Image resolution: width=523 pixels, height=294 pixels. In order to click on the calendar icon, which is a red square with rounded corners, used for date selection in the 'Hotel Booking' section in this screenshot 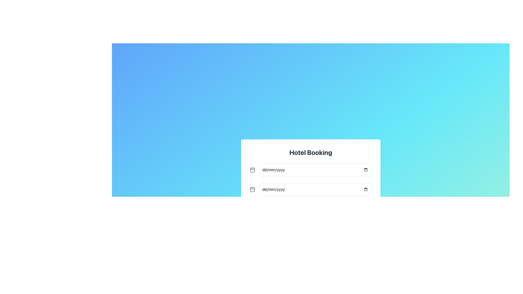, I will do `click(252, 189)`.